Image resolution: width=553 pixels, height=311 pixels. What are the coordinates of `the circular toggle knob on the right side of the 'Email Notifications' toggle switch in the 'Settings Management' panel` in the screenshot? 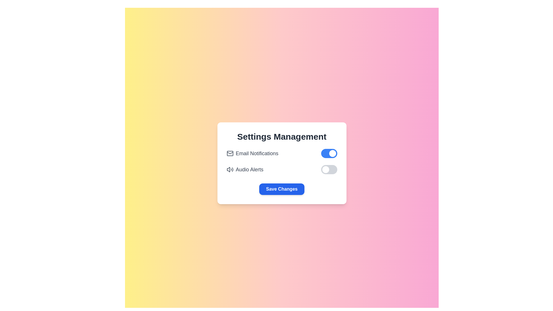 It's located at (332, 153).